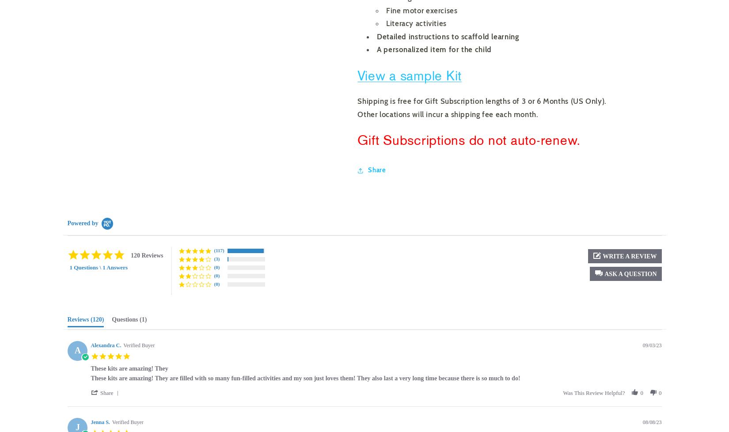 The image size is (729, 432). Describe the element at coordinates (111, 319) in the screenshot. I see `'Questions'` at that location.